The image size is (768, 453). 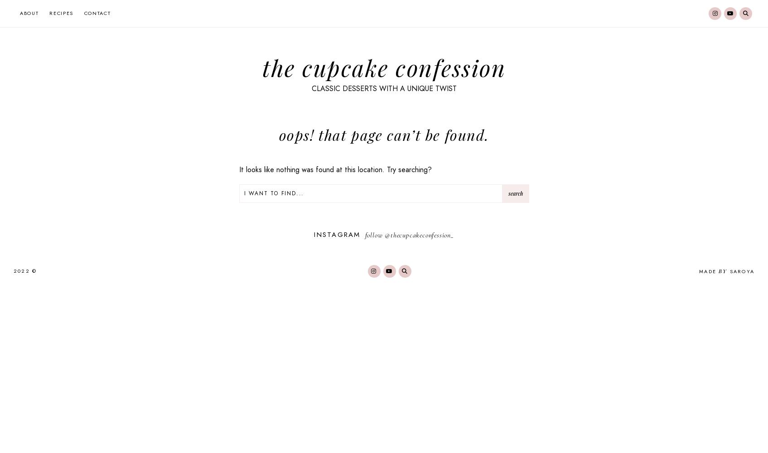 What do you see at coordinates (384, 67) in the screenshot?
I see `'The Cupcake Confession'` at bounding box center [384, 67].